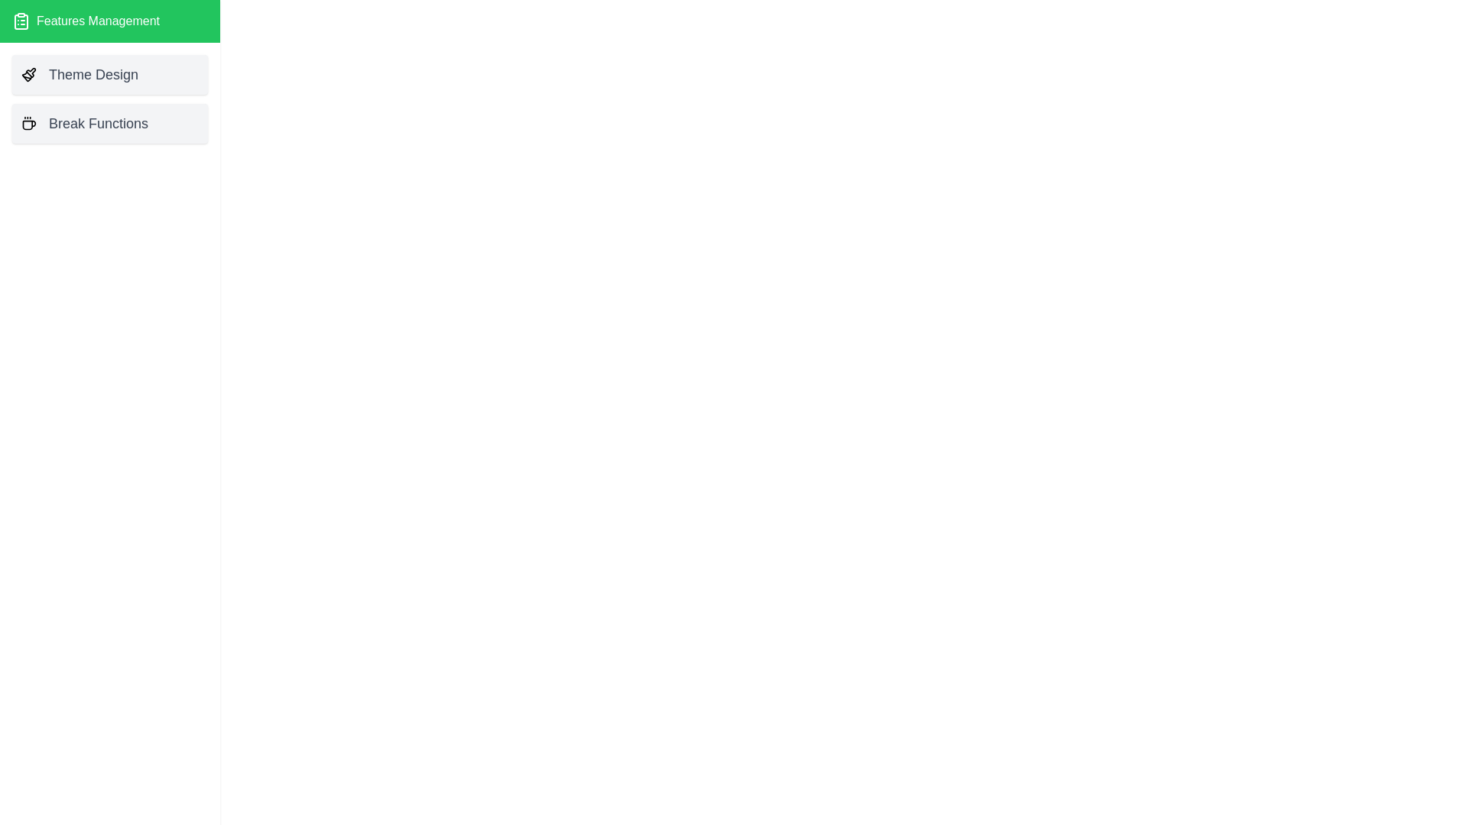 The height and width of the screenshot is (825, 1468). What do you see at coordinates (29, 29) in the screenshot?
I see `button located at the top-left corner to toggle the drawer` at bounding box center [29, 29].